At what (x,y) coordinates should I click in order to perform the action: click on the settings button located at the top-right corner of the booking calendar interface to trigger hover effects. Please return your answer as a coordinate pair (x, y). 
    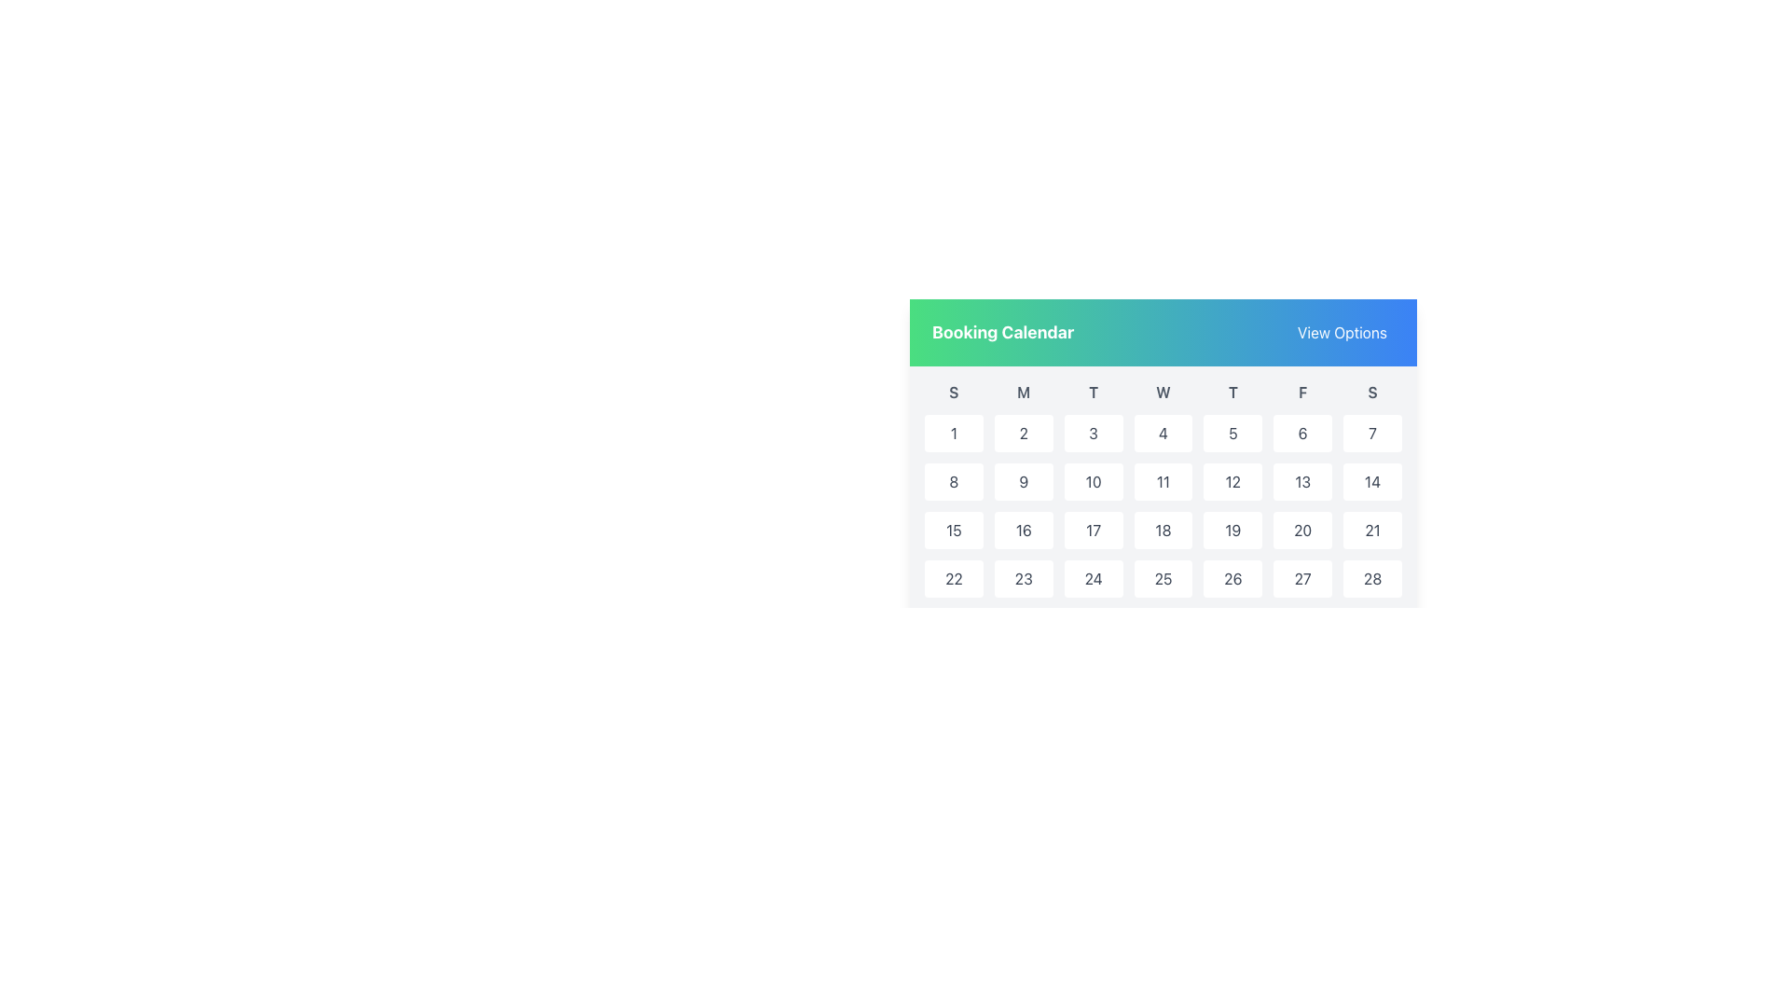
    Looking at the image, I should click on (1342, 332).